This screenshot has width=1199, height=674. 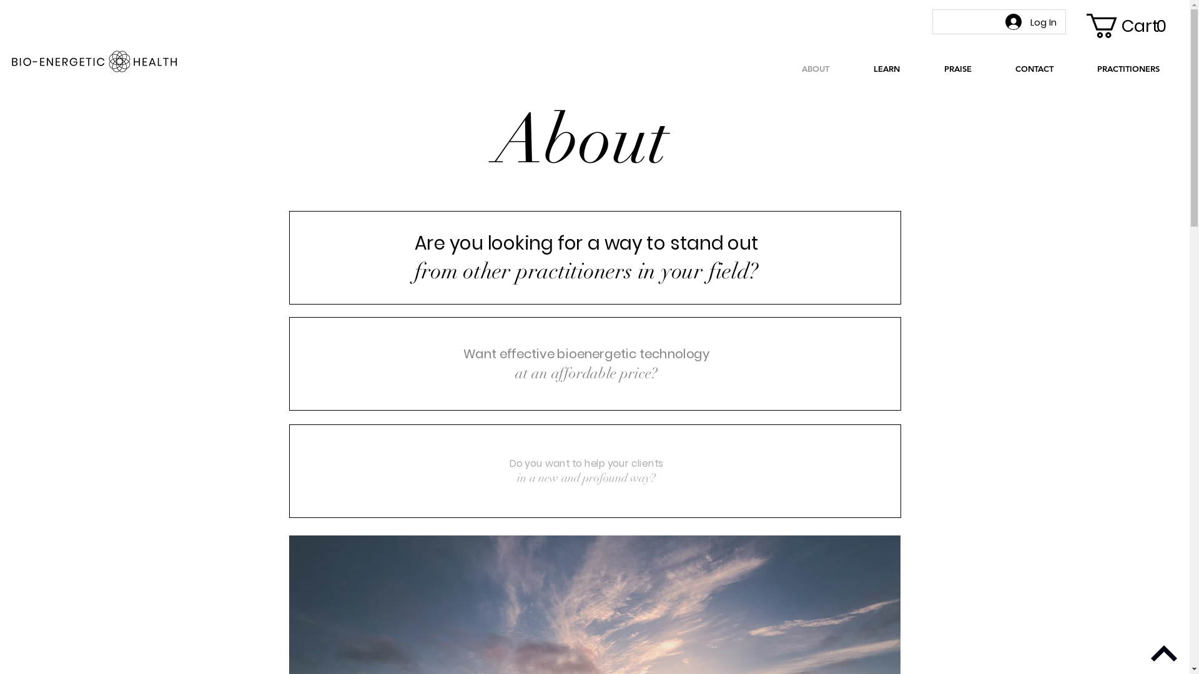 I want to click on 'CONTACT', so click(x=992, y=69).